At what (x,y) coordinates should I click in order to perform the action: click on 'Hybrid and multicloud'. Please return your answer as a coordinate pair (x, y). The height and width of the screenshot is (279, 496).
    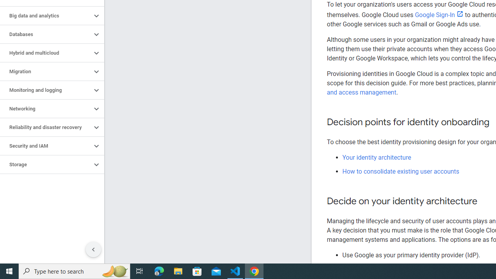
    Looking at the image, I should click on (45, 53).